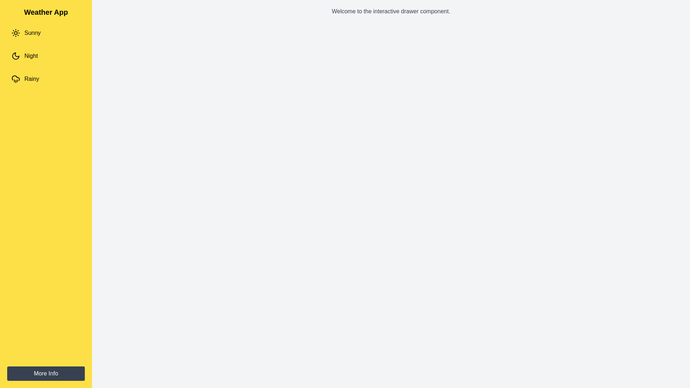 This screenshot has width=690, height=388. Describe the element at coordinates (15, 55) in the screenshot. I see `the moon-shaped icon with a crescent design located second among the weather options in the left sidebar` at that location.